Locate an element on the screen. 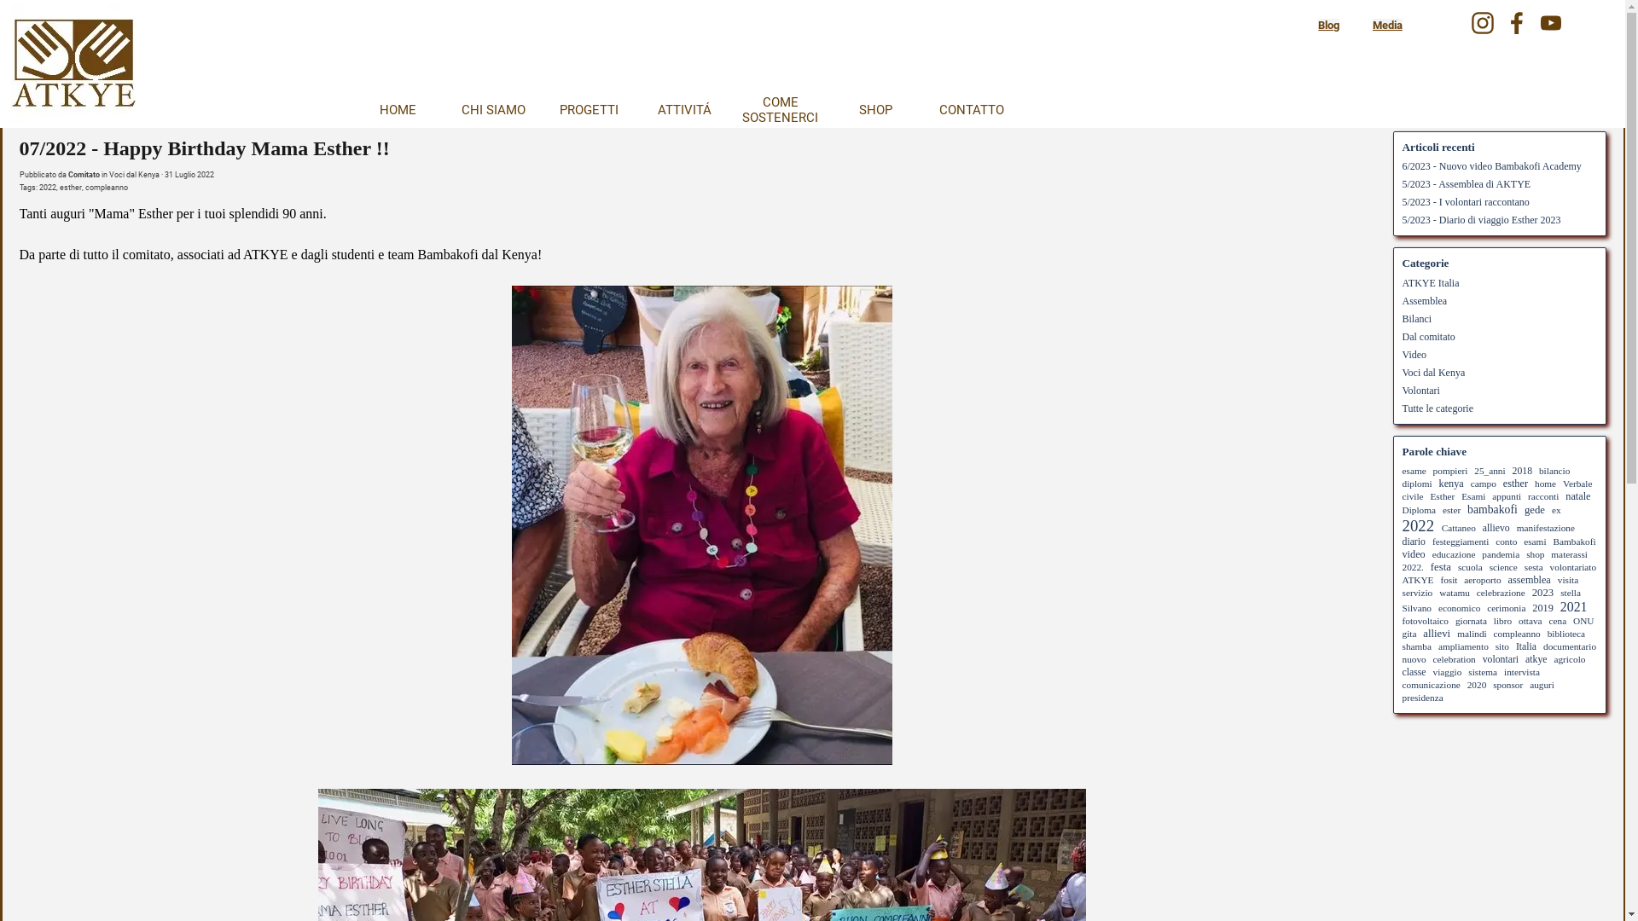 The width and height of the screenshot is (1638, 921). 'SHOP' is located at coordinates (875, 109).